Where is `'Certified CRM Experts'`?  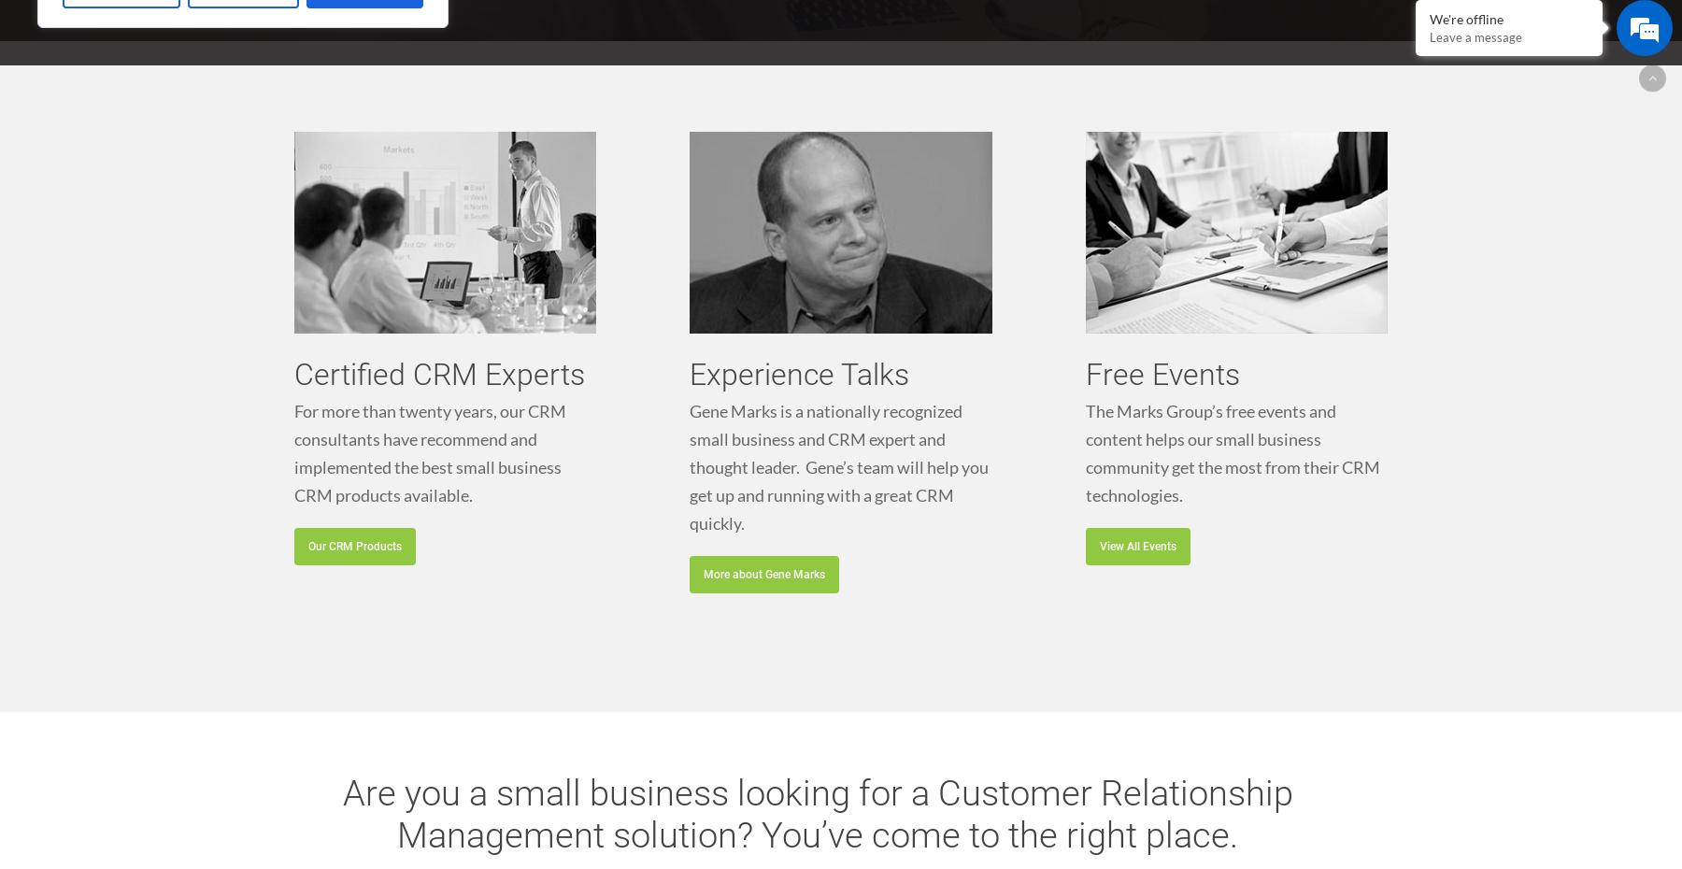 'Certified CRM Experts' is located at coordinates (438, 373).